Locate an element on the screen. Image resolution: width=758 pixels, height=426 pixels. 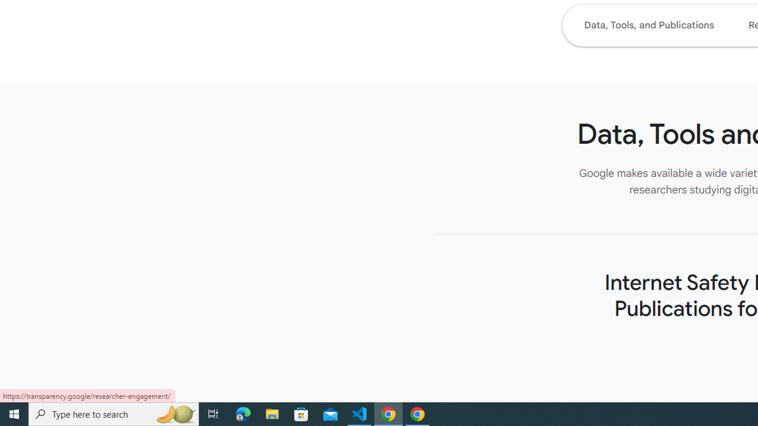
'Data, Tools, and Publications' is located at coordinates (648, 25).